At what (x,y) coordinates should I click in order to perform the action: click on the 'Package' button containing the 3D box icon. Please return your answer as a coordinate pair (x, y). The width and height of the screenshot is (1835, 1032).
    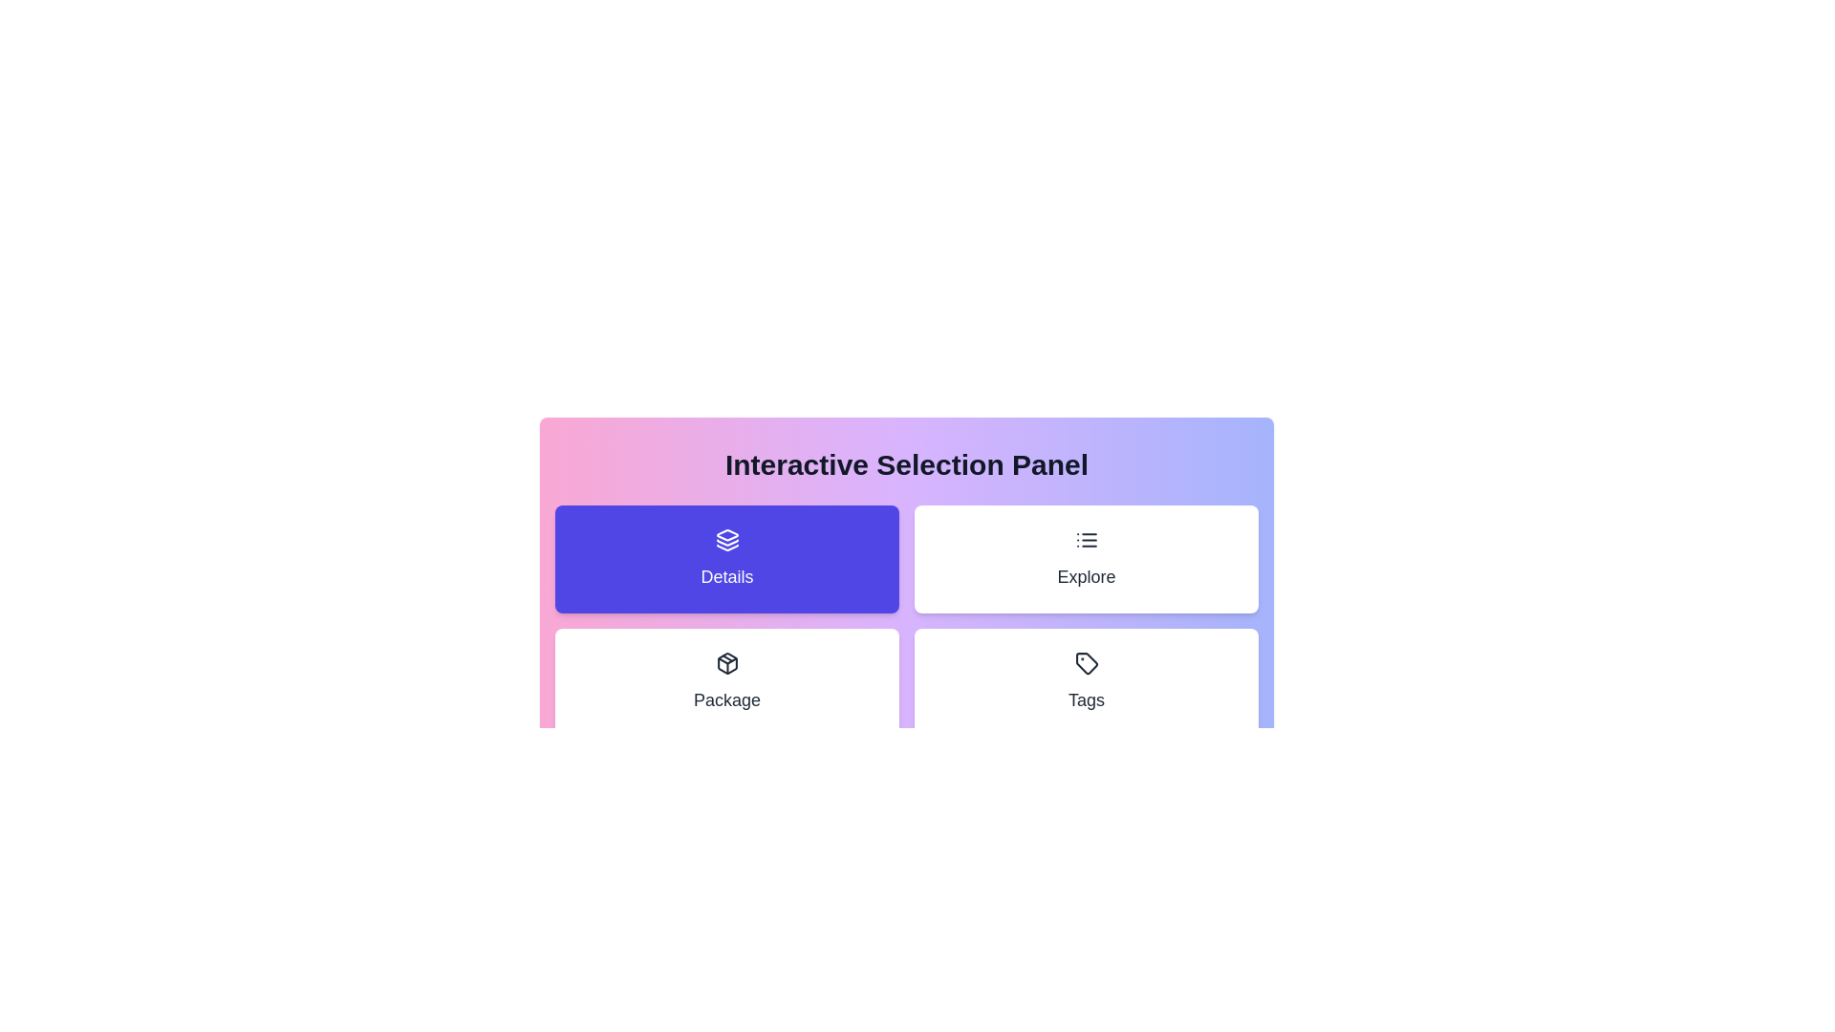
    Looking at the image, I should click on (726, 662).